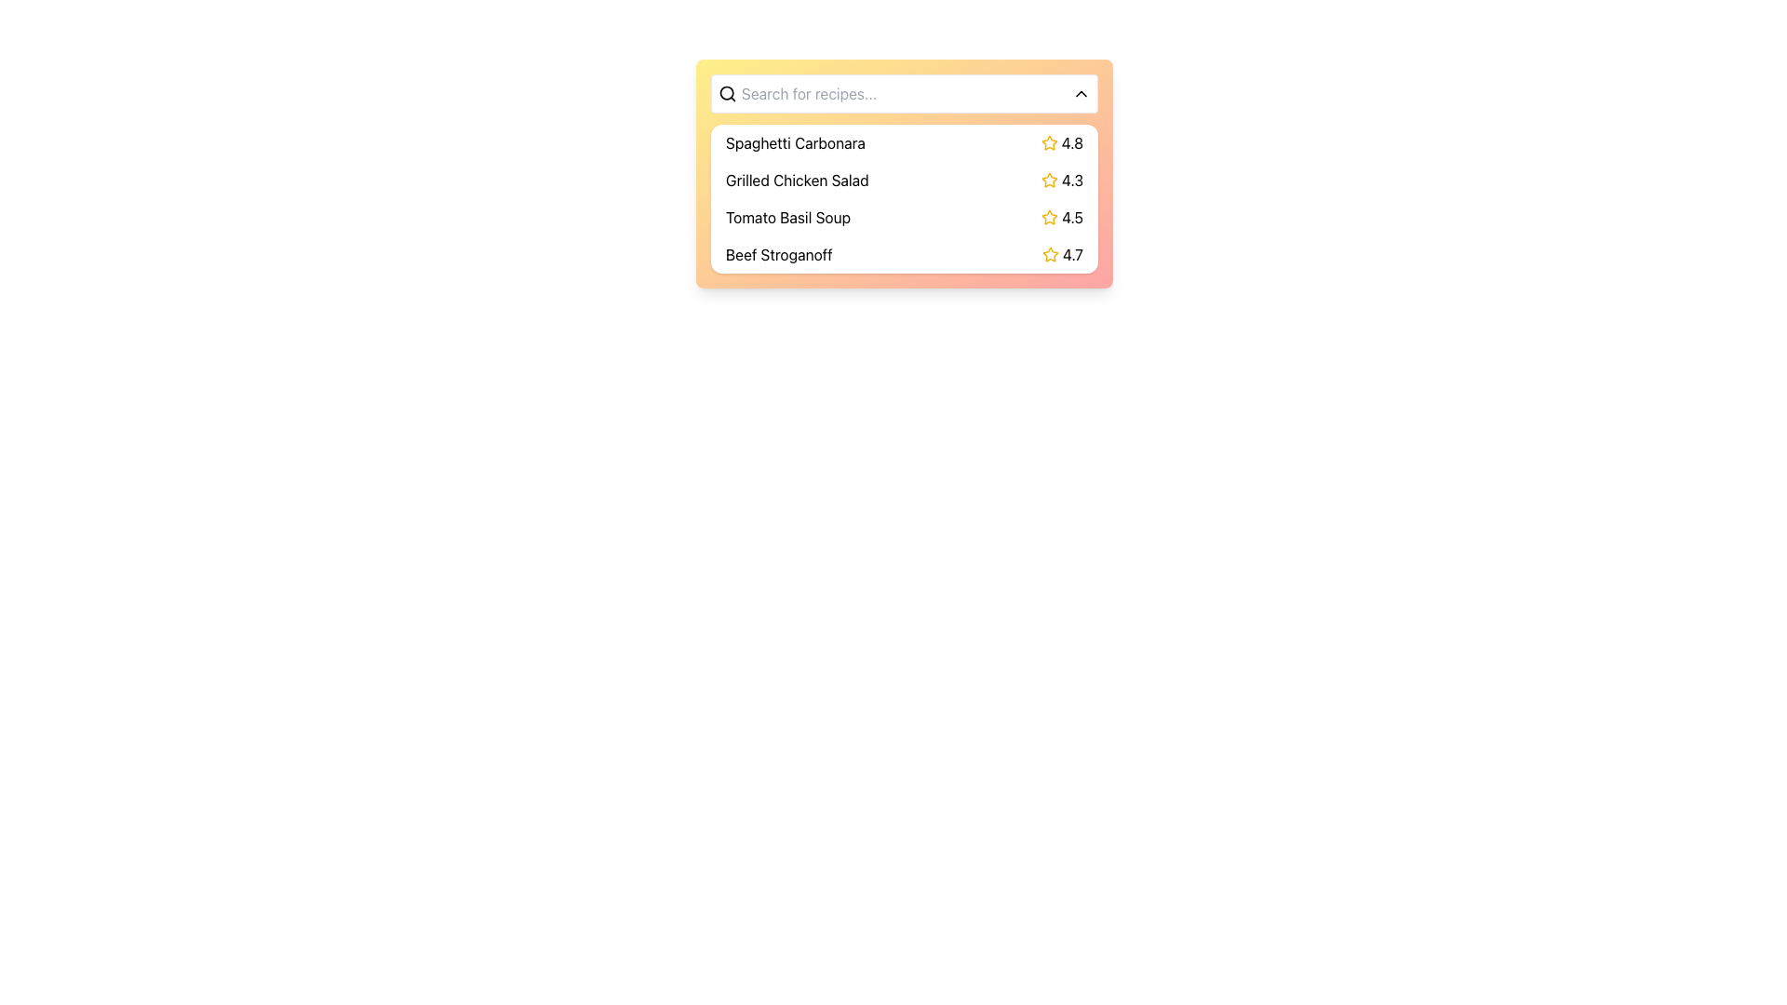 Image resolution: width=1787 pixels, height=1005 pixels. I want to click on the rating display indicating a score of 4.8 for 'Spaghetti Carbonara', so click(1062, 142).